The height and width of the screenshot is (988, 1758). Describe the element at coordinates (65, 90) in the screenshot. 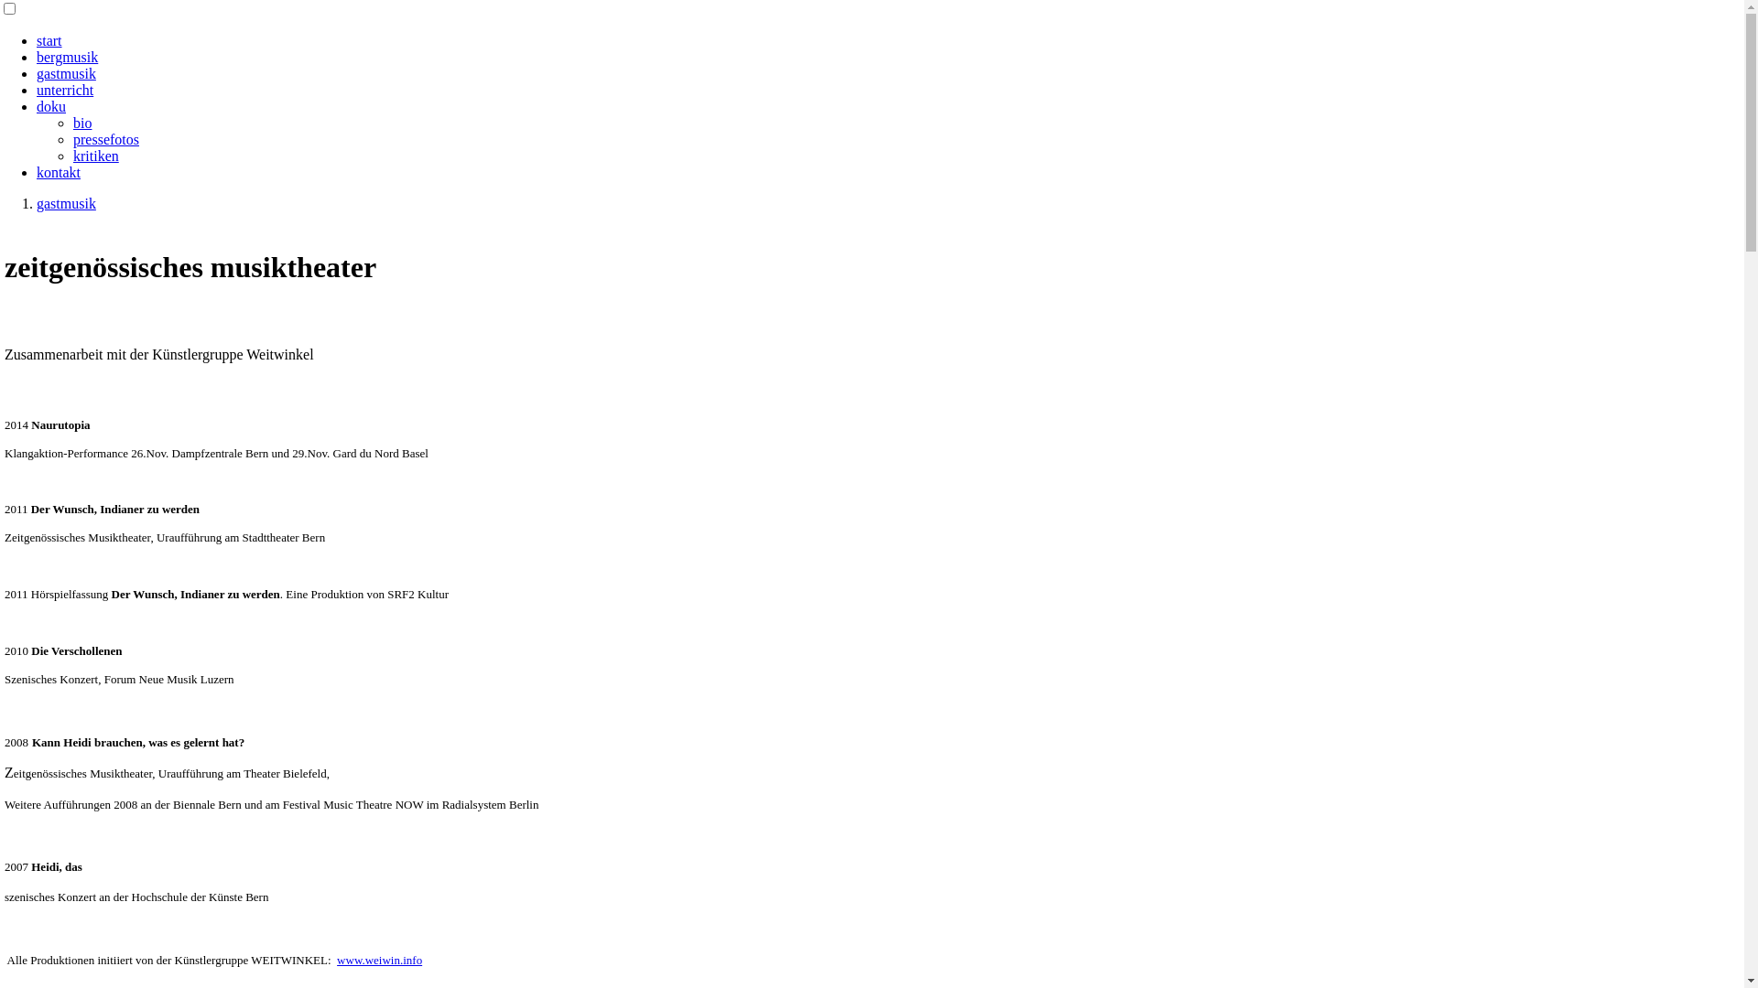

I see `'unterricht'` at that location.